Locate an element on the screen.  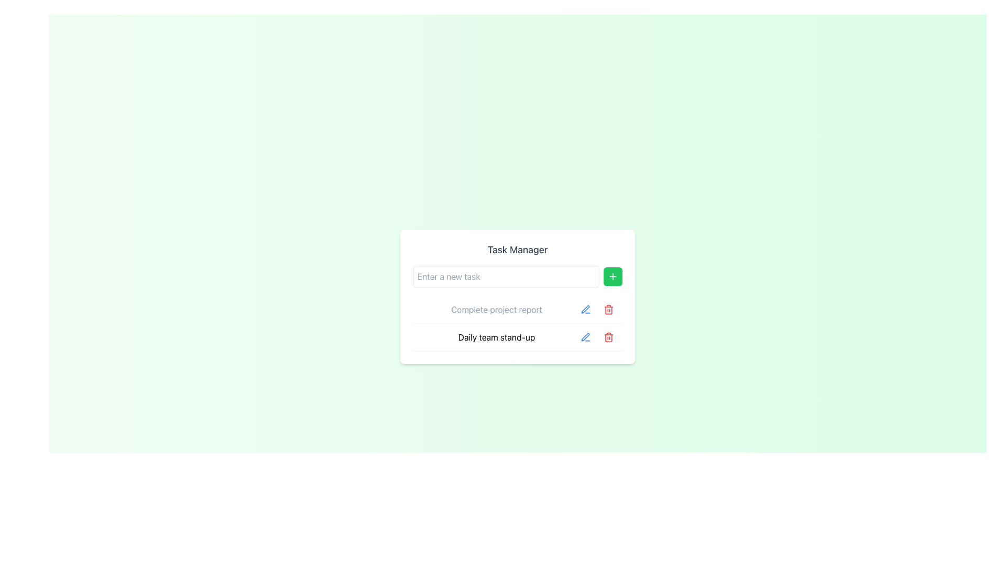
the static text element labeled 'Daily team stand-up', which serves as a title for a task entry in the Task Manager section is located at coordinates (496, 337).